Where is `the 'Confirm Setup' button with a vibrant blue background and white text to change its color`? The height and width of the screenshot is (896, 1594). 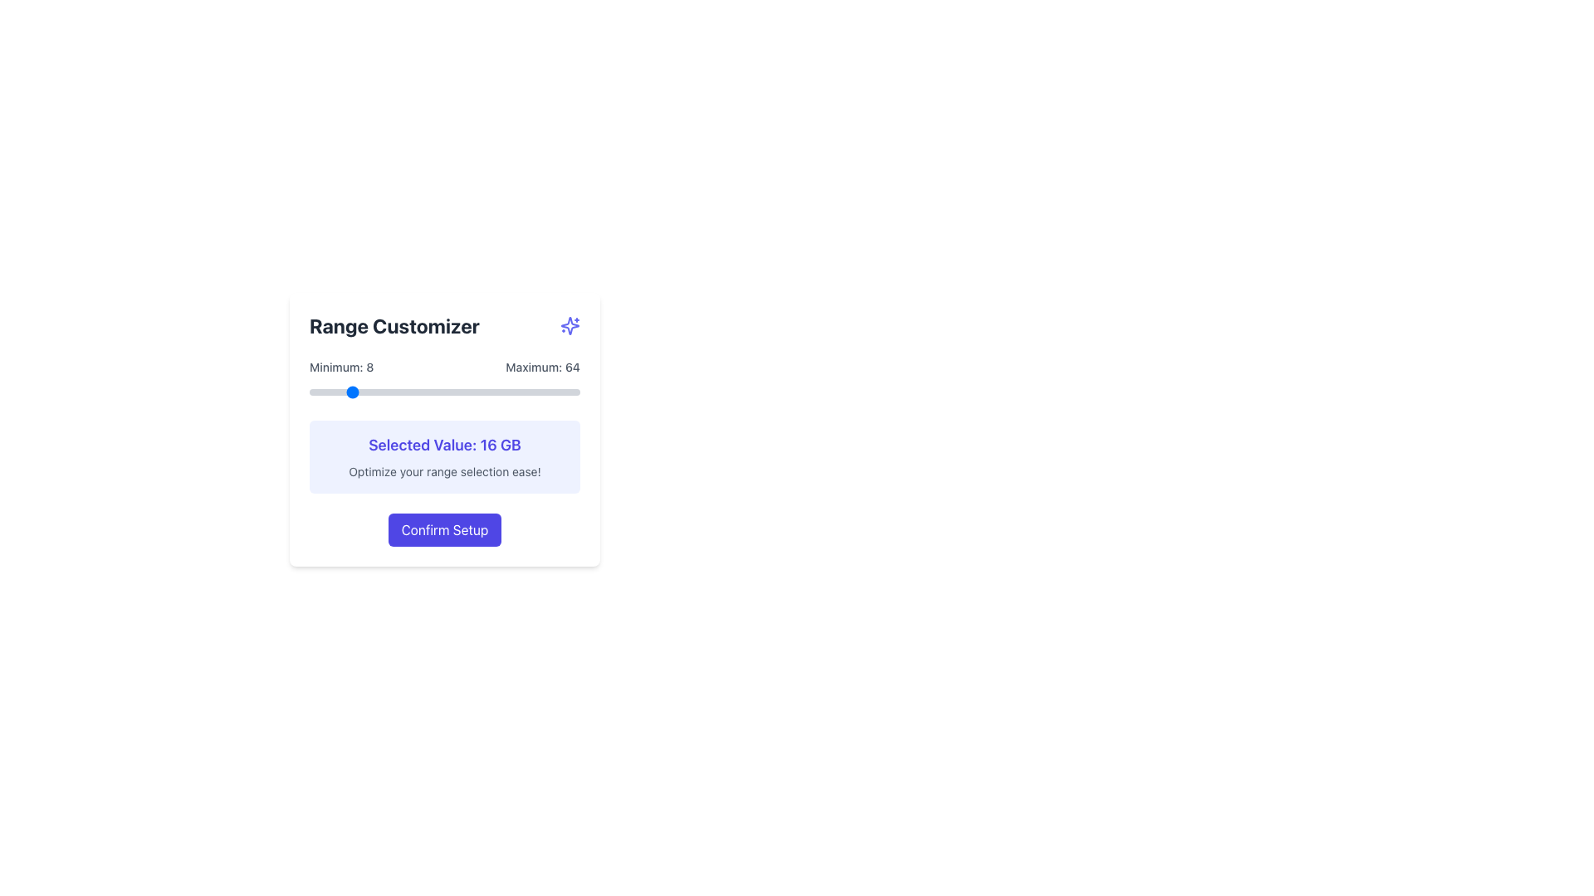 the 'Confirm Setup' button with a vibrant blue background and white text to change its color is located at coordinates (445, 530).